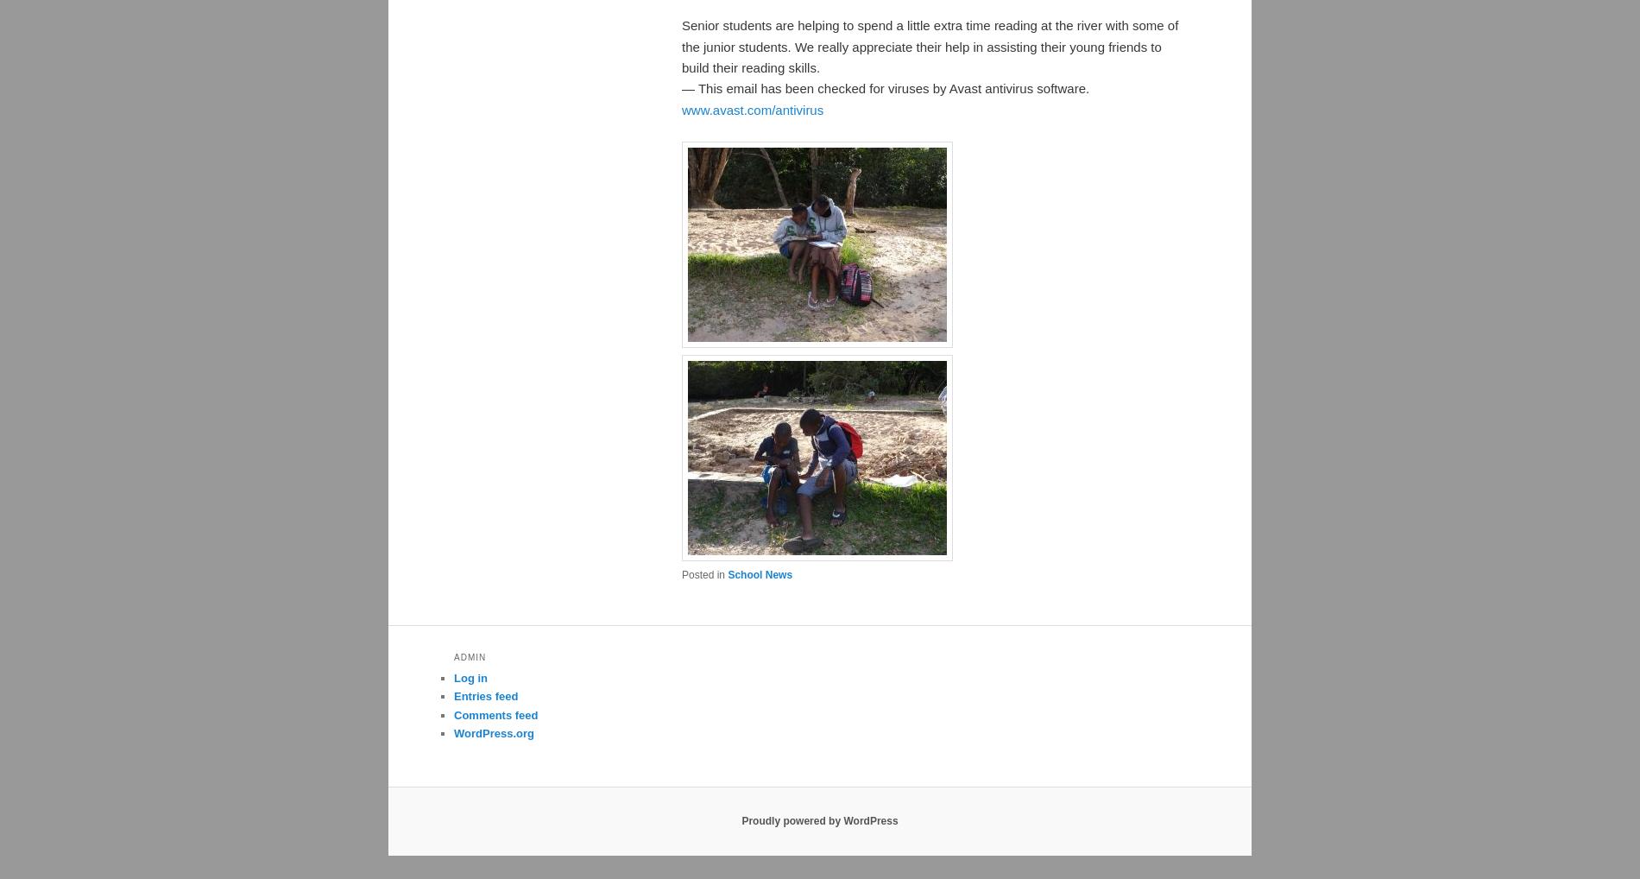  I want to click on 'Log in', so click(453, 678).